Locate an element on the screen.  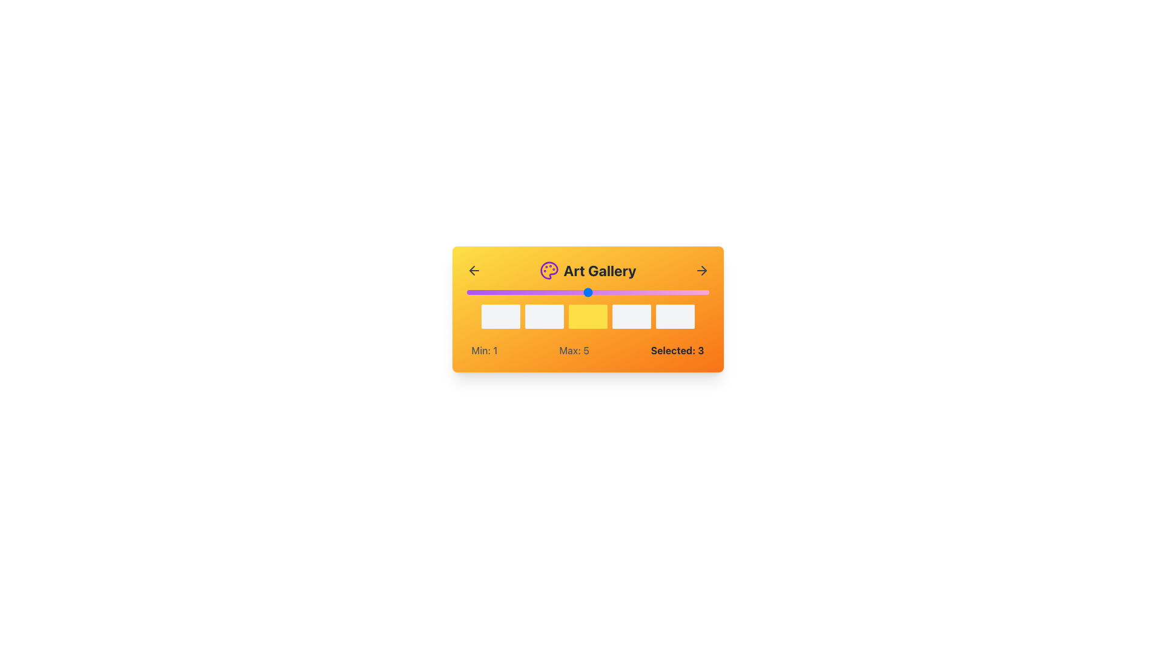
the navigation button located at the far right of the header bar is located at coordinates (701, 270).